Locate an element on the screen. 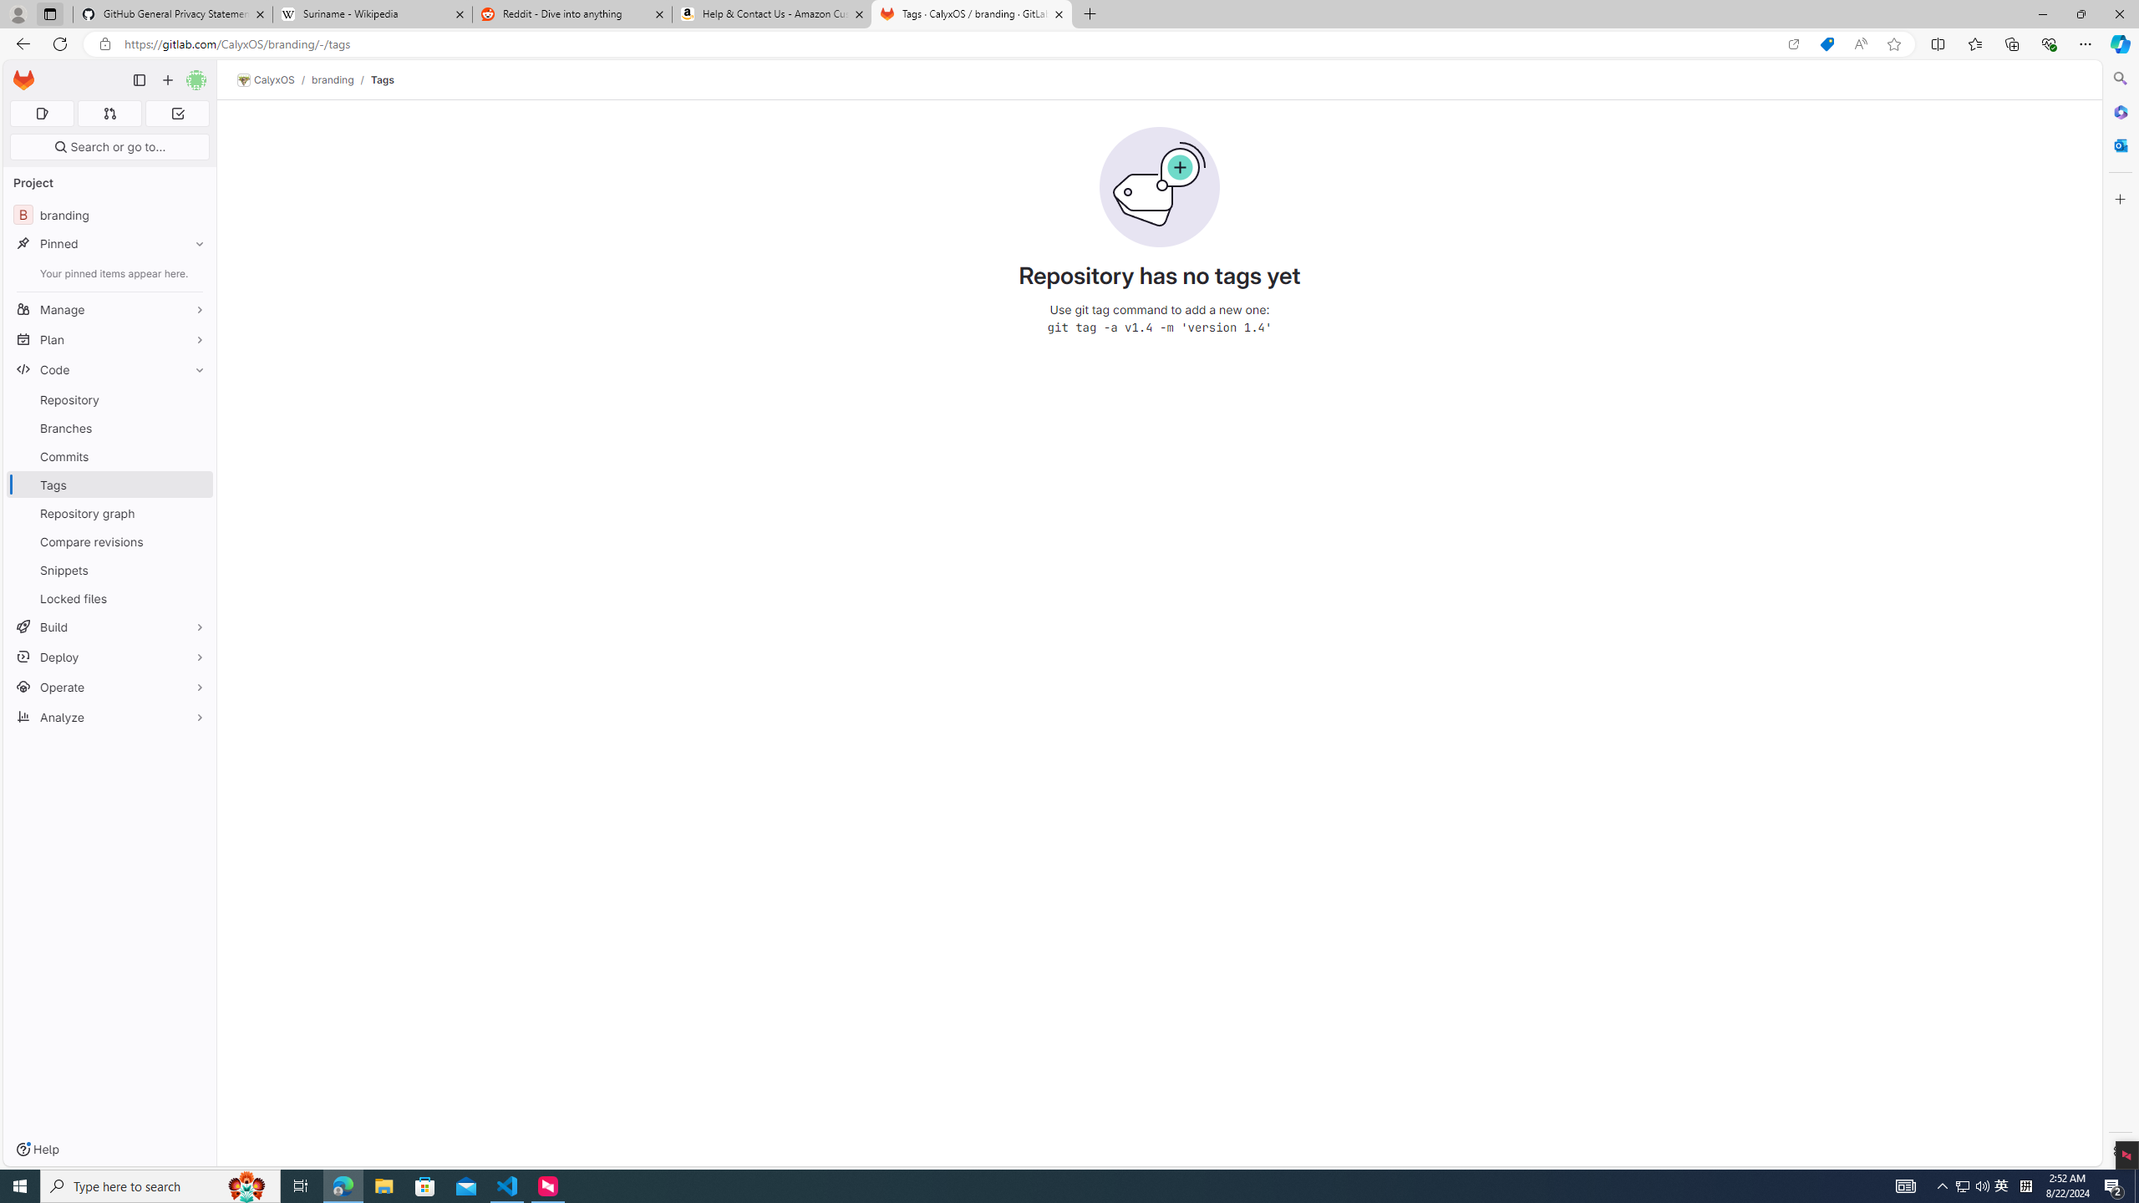 The height and width of the screenshot is (1203, 2139). 'Pin Repository' is located at coordinates (195, 399).